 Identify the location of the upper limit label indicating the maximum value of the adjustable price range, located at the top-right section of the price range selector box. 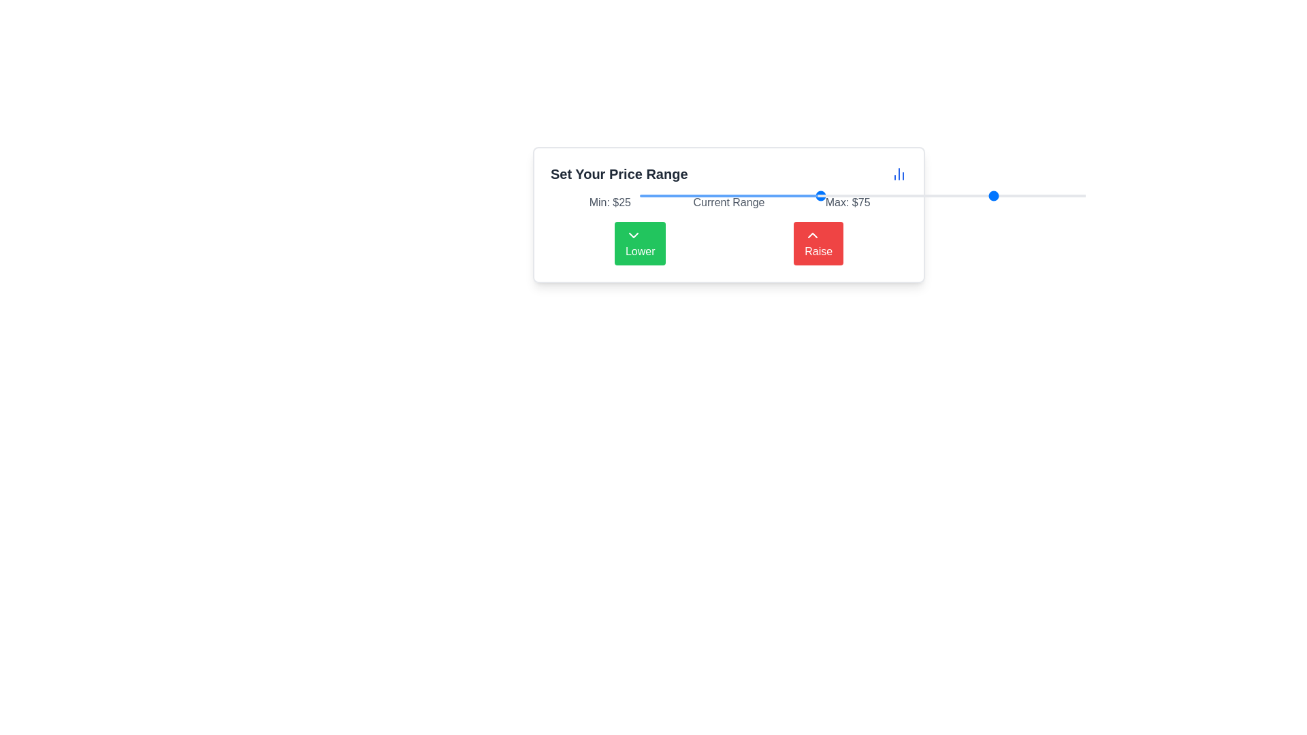
(847, 202).